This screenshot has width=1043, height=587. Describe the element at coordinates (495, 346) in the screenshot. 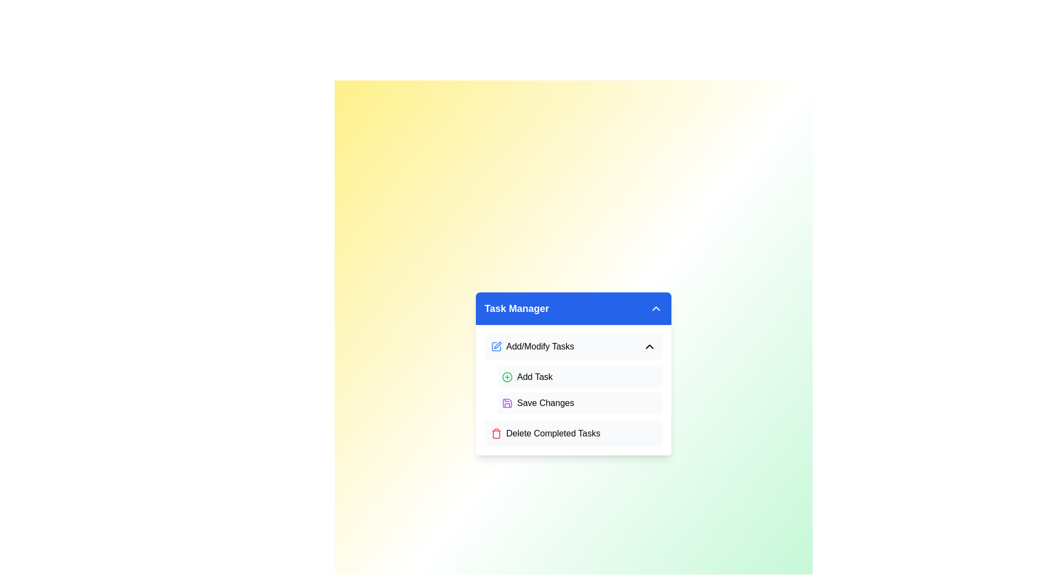

I see `the decorative icon that serves as a visual identifier for the 'Add/Modify Tasks' option in the Task Manager interface` at that location.